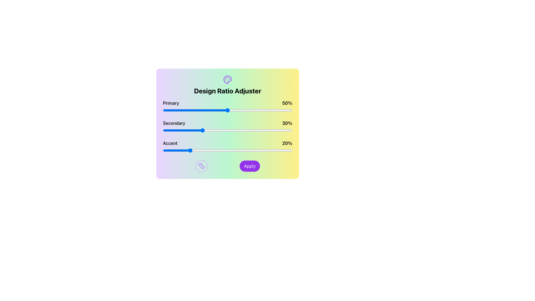  I want to click on the ruler icon located within a circular area near the bottom left of the panel, adjacent to the purple 'Apply' button, so click(201, 166).